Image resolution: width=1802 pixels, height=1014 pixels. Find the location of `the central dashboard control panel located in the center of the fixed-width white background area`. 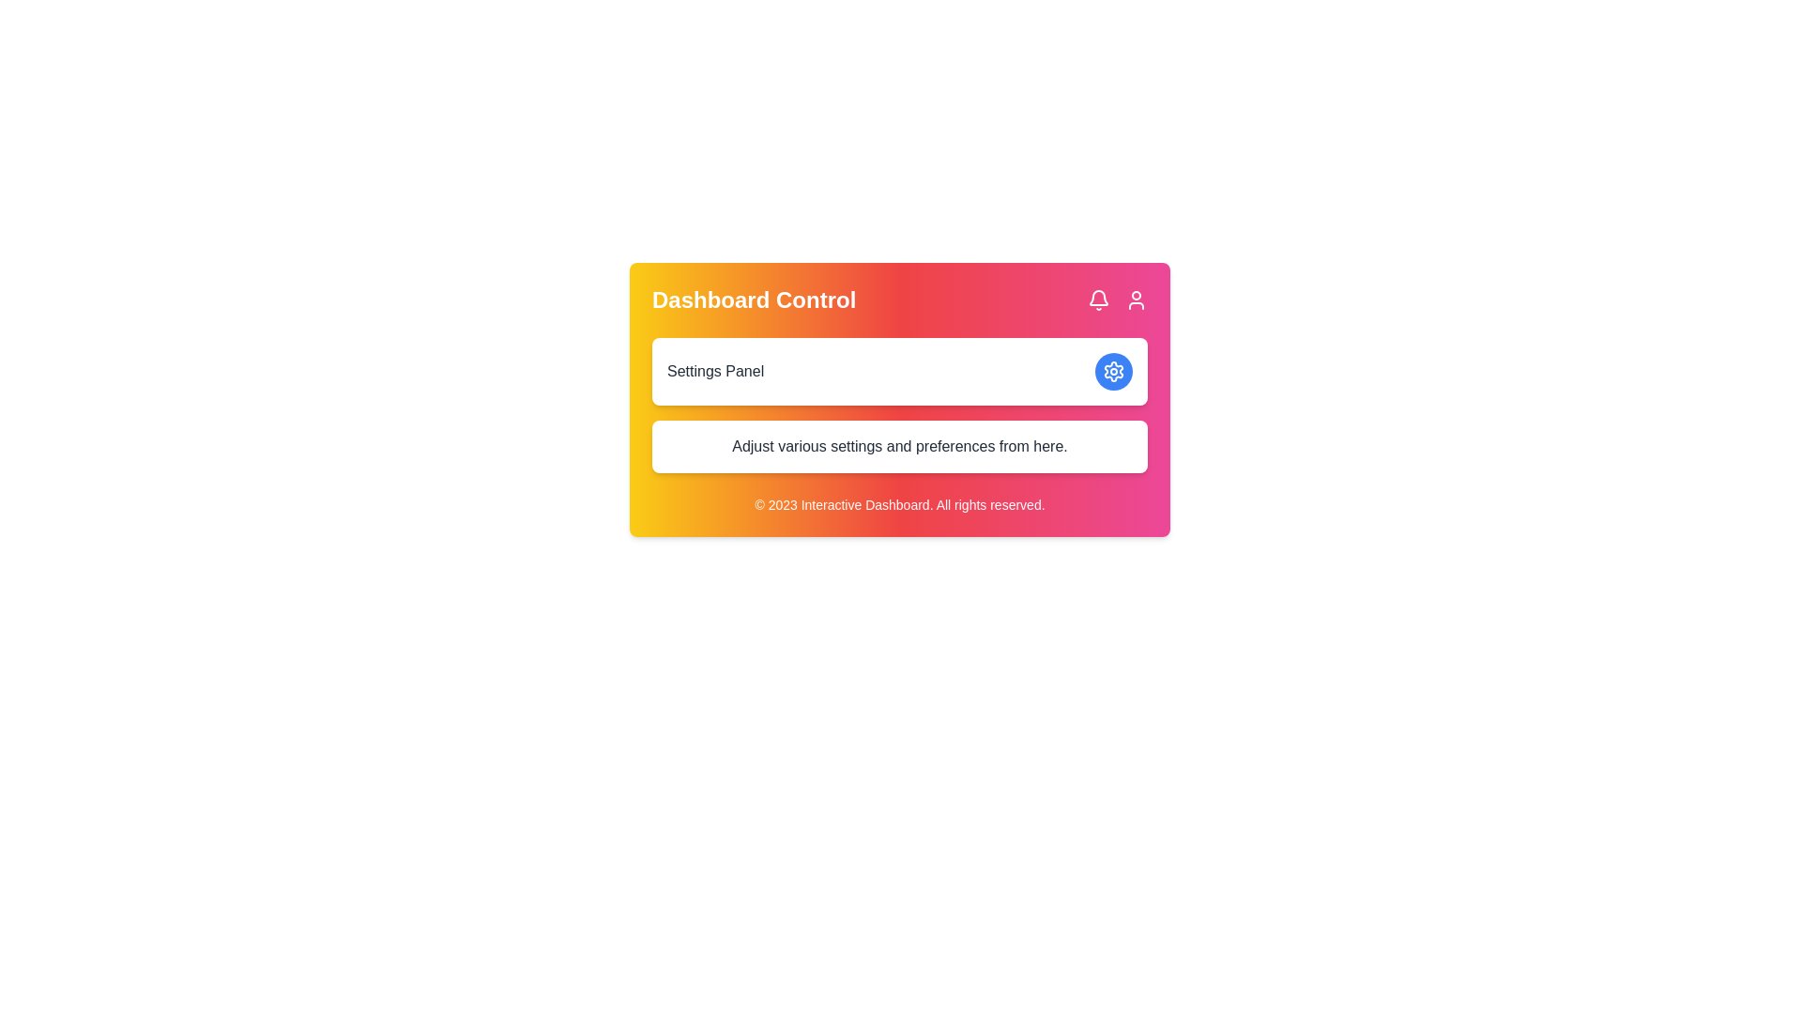

the central dashboard control panel located in the center of the fixed-width white background area is located at coordinates (899, 398).